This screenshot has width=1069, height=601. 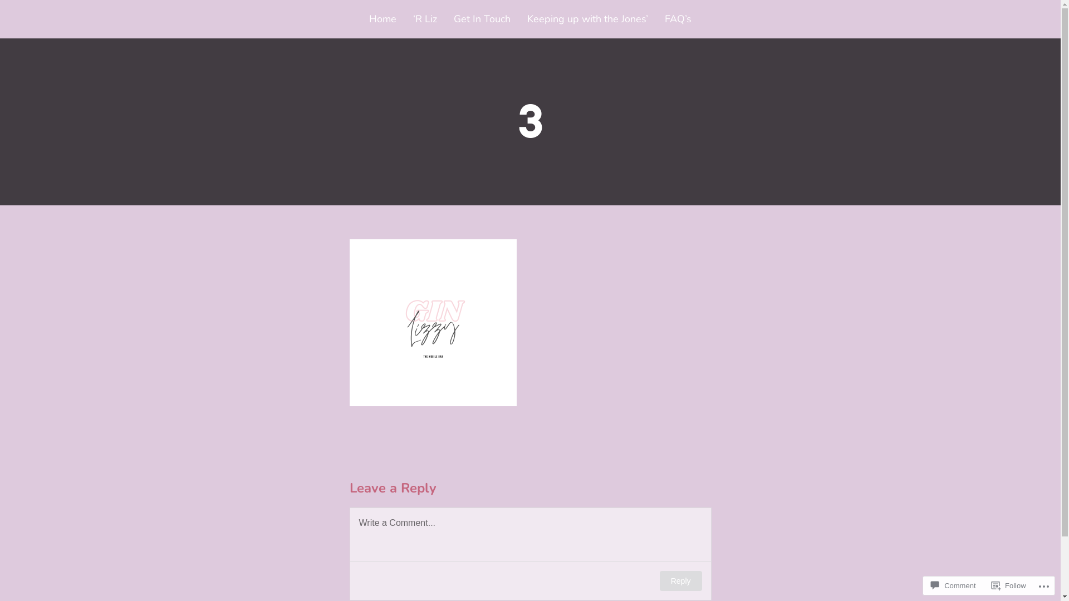 I want to click on 'Get In Touch', so click(x=482, y=19).